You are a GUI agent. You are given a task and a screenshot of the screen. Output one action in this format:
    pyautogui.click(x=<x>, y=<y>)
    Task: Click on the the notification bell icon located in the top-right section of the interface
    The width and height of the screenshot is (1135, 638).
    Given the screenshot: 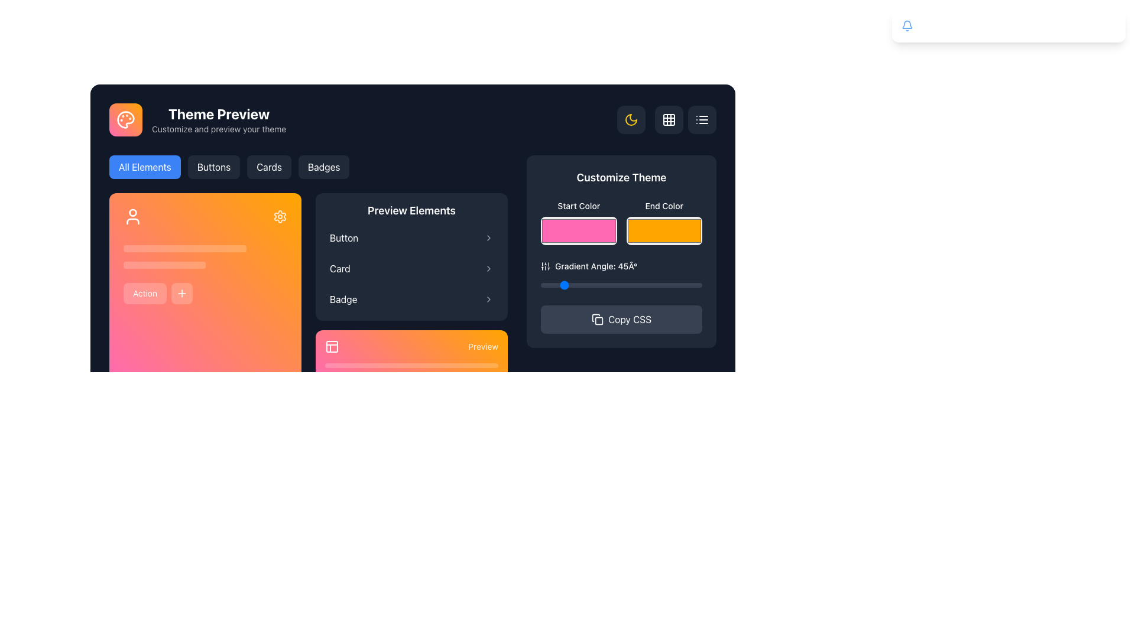 What is the action you would take?
    pyautogui.click(x=906, y=25)
    